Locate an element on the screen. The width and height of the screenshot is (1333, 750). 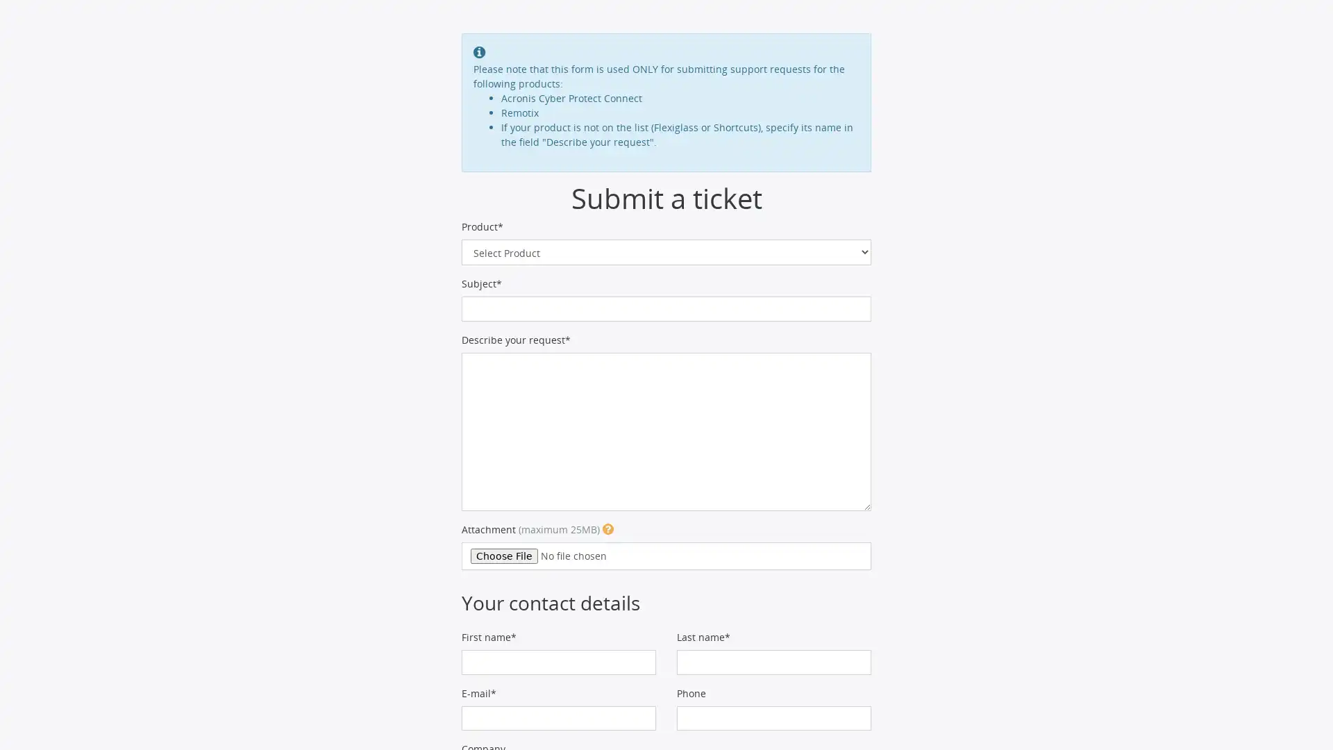
Attachment (maximum 25MB) is located at coordinates (666, 554).